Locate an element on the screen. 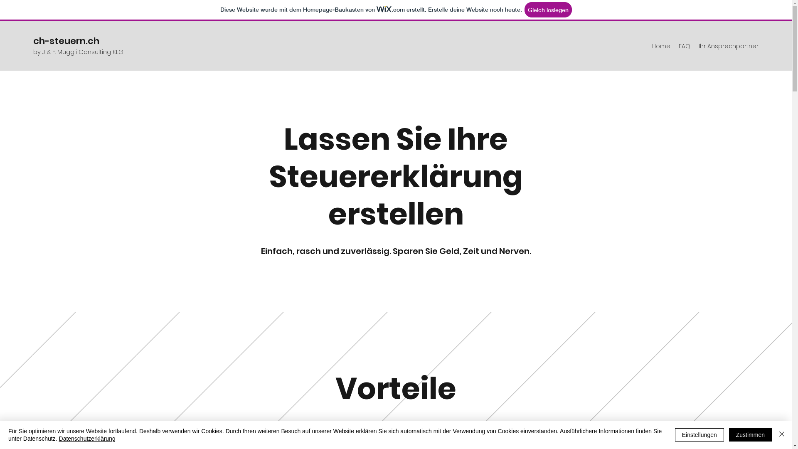 This screenshot has width=798, height=449. 'Ihr Ansprechpartner' is located at coordinates (728, 46).